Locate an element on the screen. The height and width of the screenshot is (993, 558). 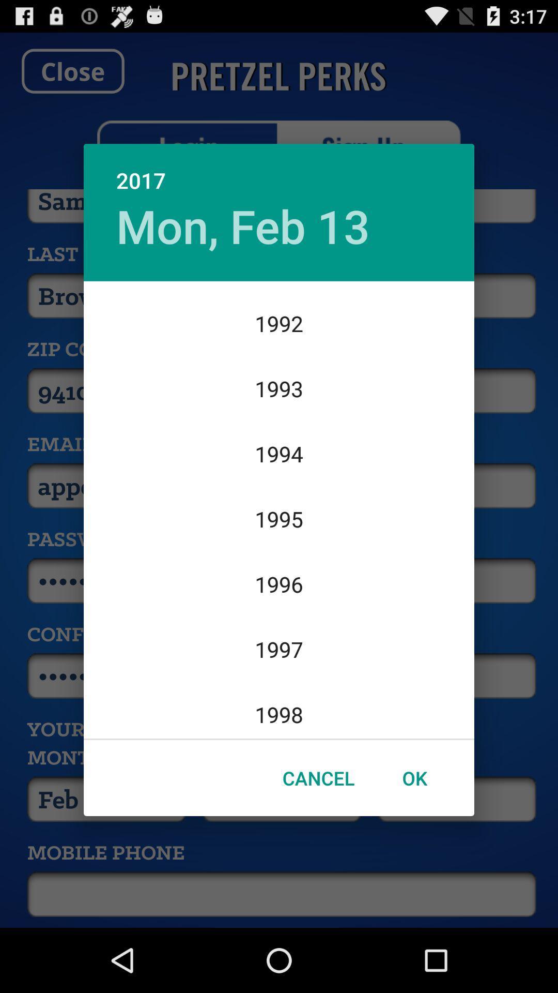
item below the 2017 icon is located at coordinates (243, 225).